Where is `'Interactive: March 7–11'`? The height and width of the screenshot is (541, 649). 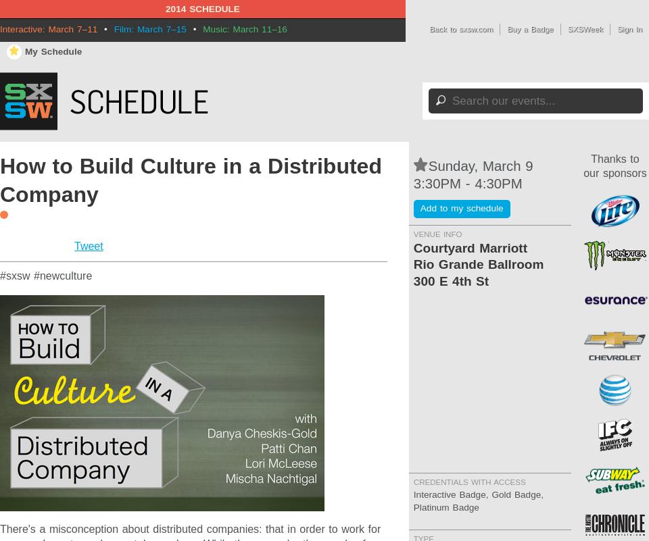 'Interactive: March 7–11' is located at coordinates (0, 28).